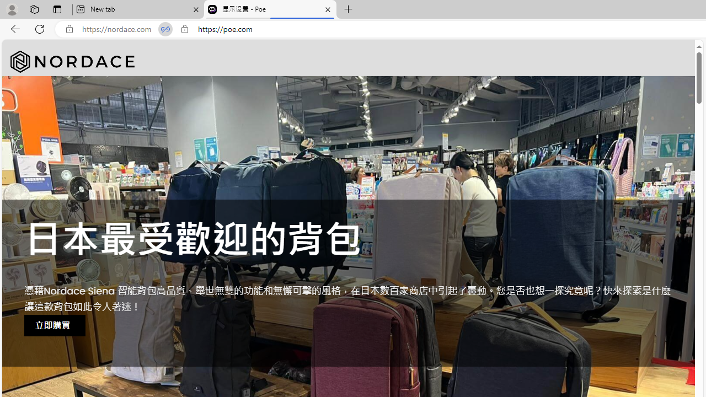 Image resolution: width=706 pixels, height=397 pixels. I want to click on 'View site information', so click(184, 29).